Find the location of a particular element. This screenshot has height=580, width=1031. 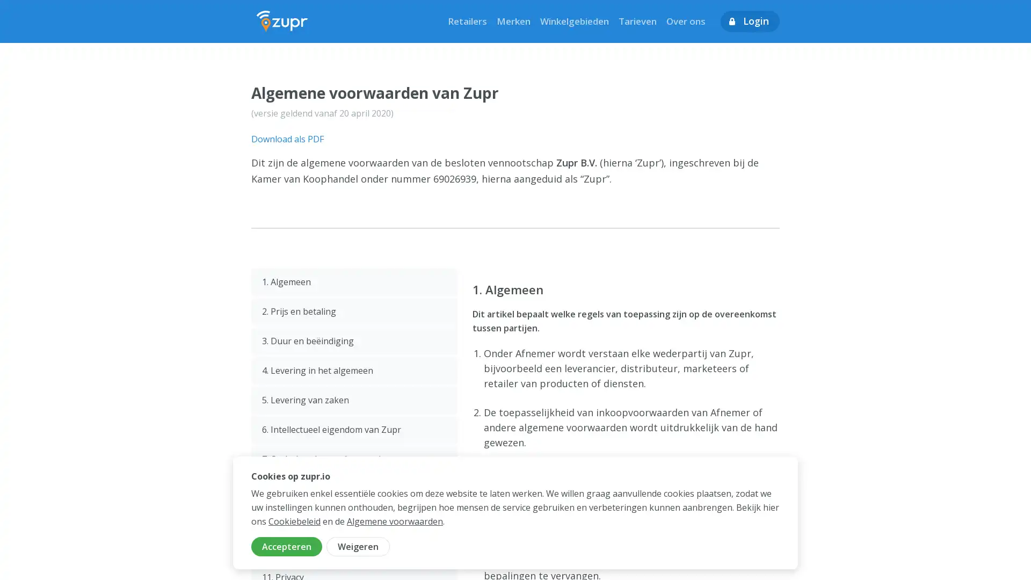

Accept cookies is located at coordinates (286, 547).